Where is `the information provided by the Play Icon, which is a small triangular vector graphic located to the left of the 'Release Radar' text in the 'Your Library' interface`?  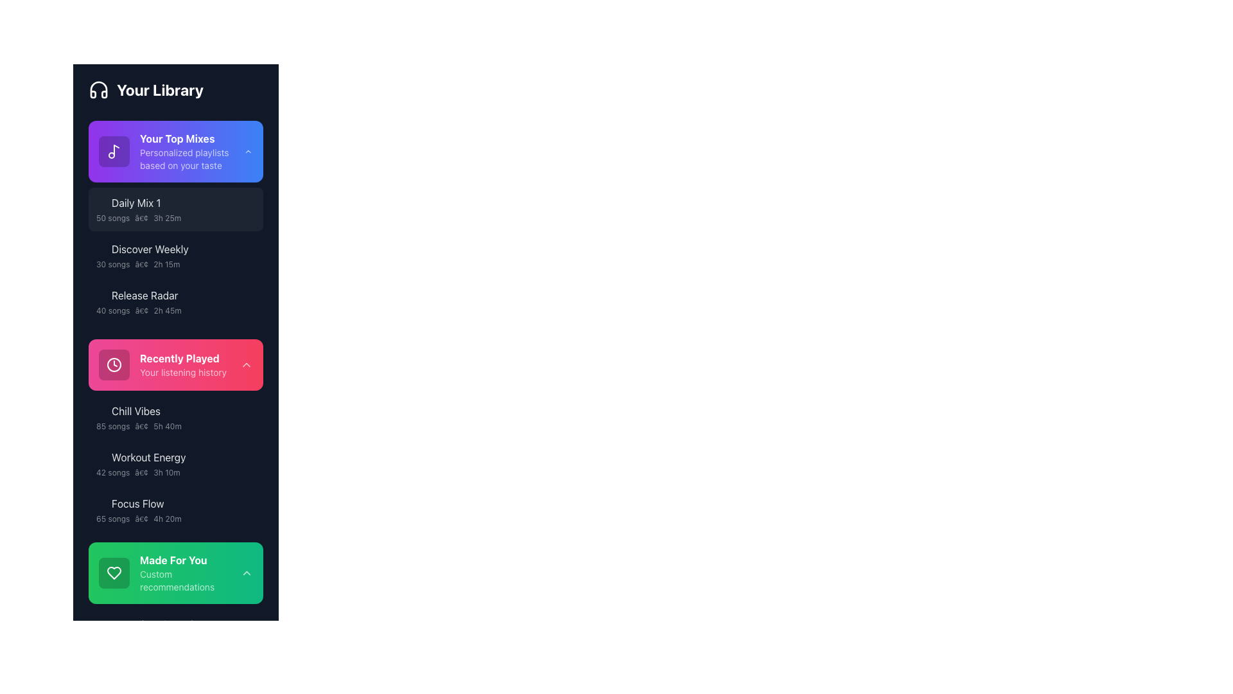 the information provided by the Play Icon, which is a small triangular vector graphic located to the left of the 'Release Radar' text in the 'Your Library' interface is located at coordinates (101, 295).